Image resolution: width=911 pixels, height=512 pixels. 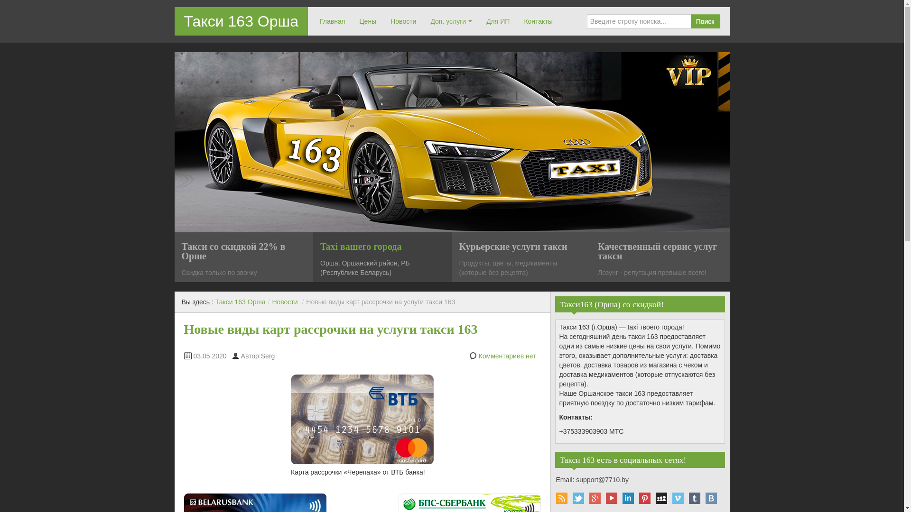 What do you see at coordinates (660, 497) in the screenshot?
I see `'Myspace'` at bounding box center [660, 497].